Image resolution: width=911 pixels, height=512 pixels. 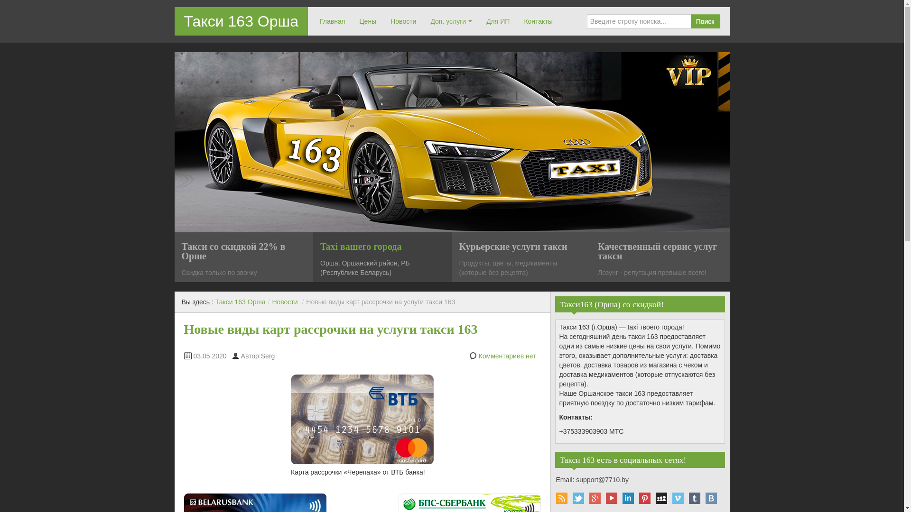 What do you see at coordinates (660, 497) in the screenshot?
I see `'Myspace'` at bounding box center [660, 497].